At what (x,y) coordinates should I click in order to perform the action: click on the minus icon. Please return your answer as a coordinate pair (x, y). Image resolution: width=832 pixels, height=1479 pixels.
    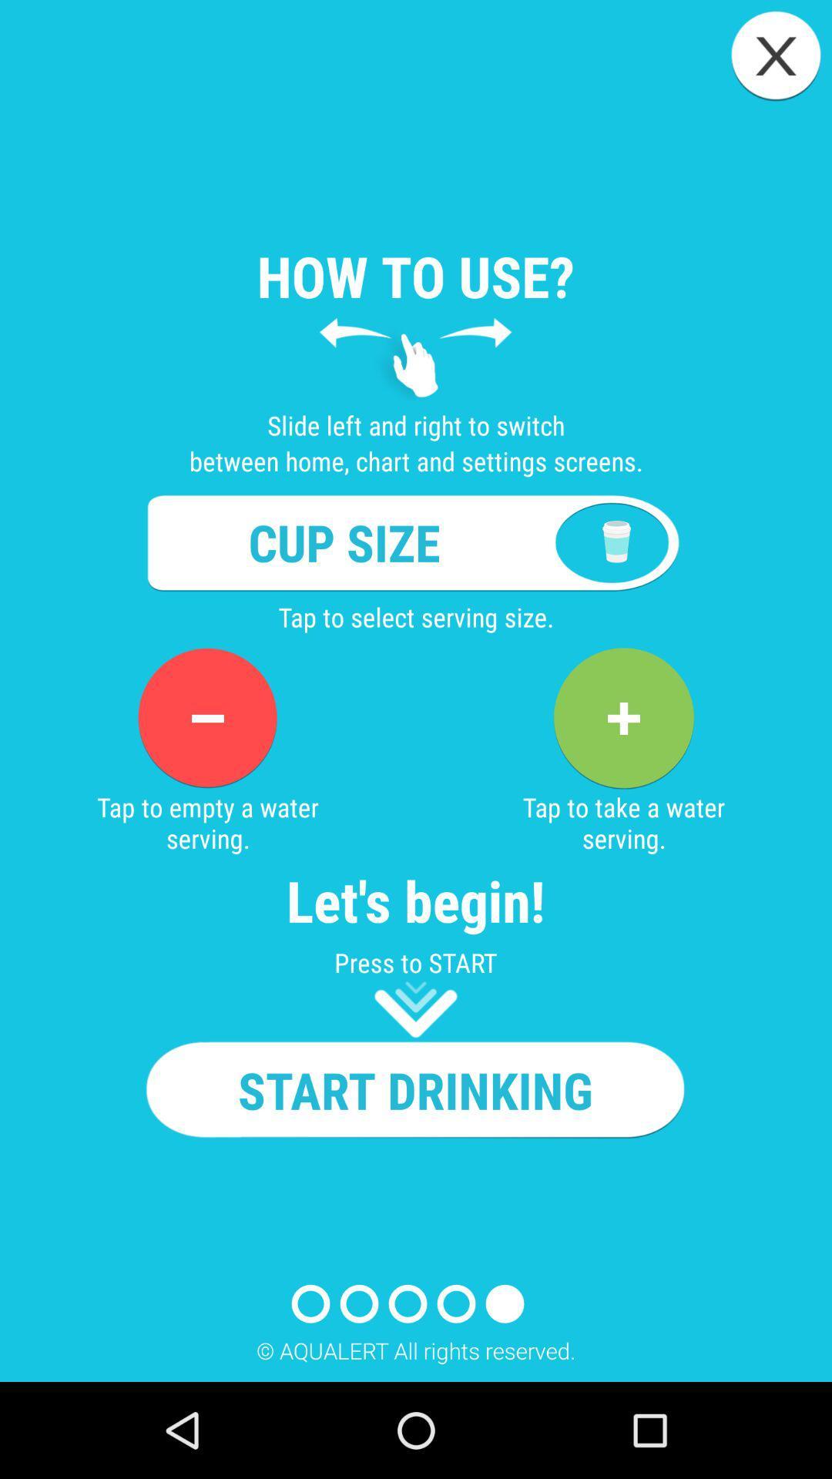
    Looking at the image, I should click on (206, 717).